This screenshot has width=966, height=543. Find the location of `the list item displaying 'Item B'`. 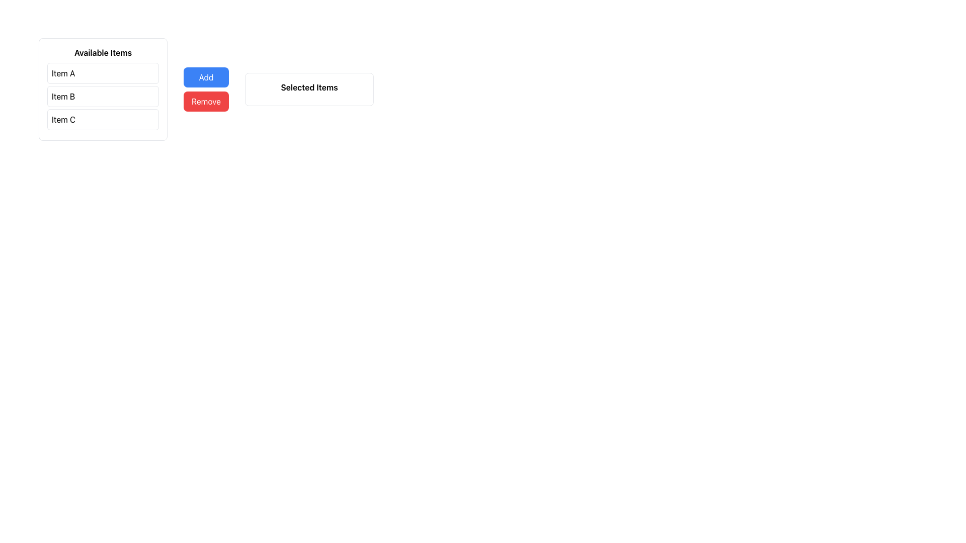

the list item displaying 'Item B' is located at coordinates (103, 97).